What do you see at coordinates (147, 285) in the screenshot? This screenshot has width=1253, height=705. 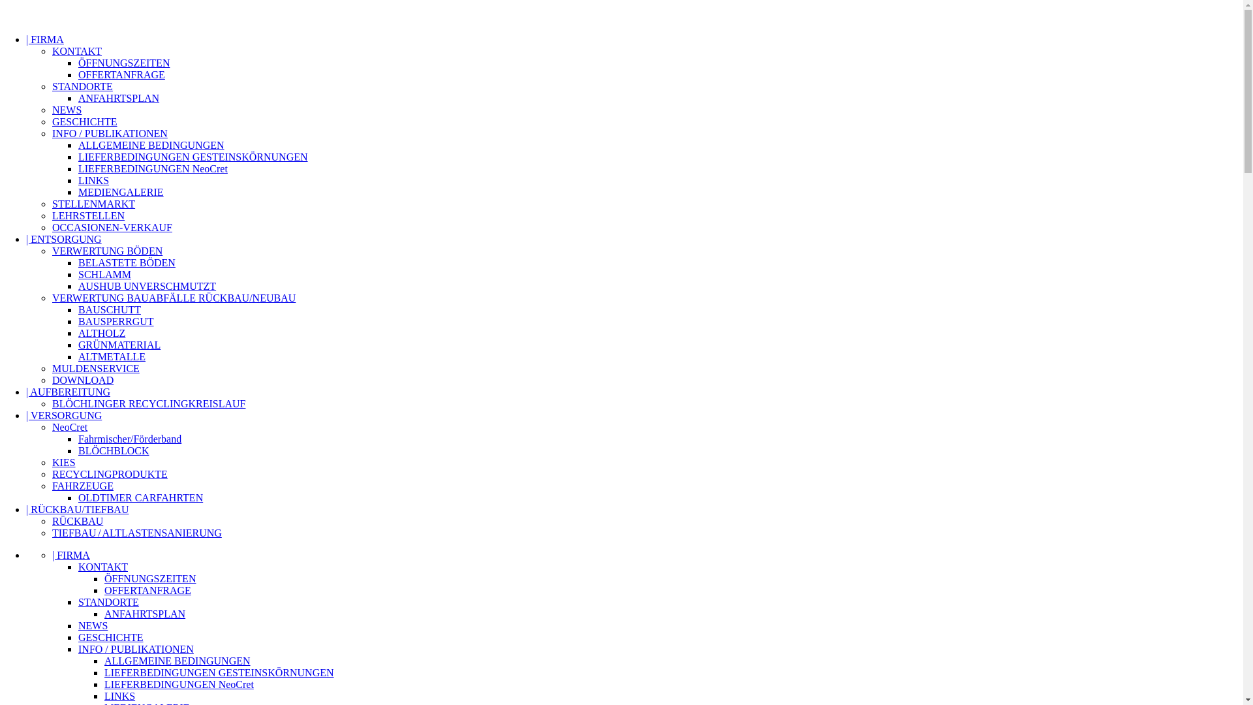 I see `'AUSHUB UNVERSCHMUTZT'` at bounding box center [147, 285].